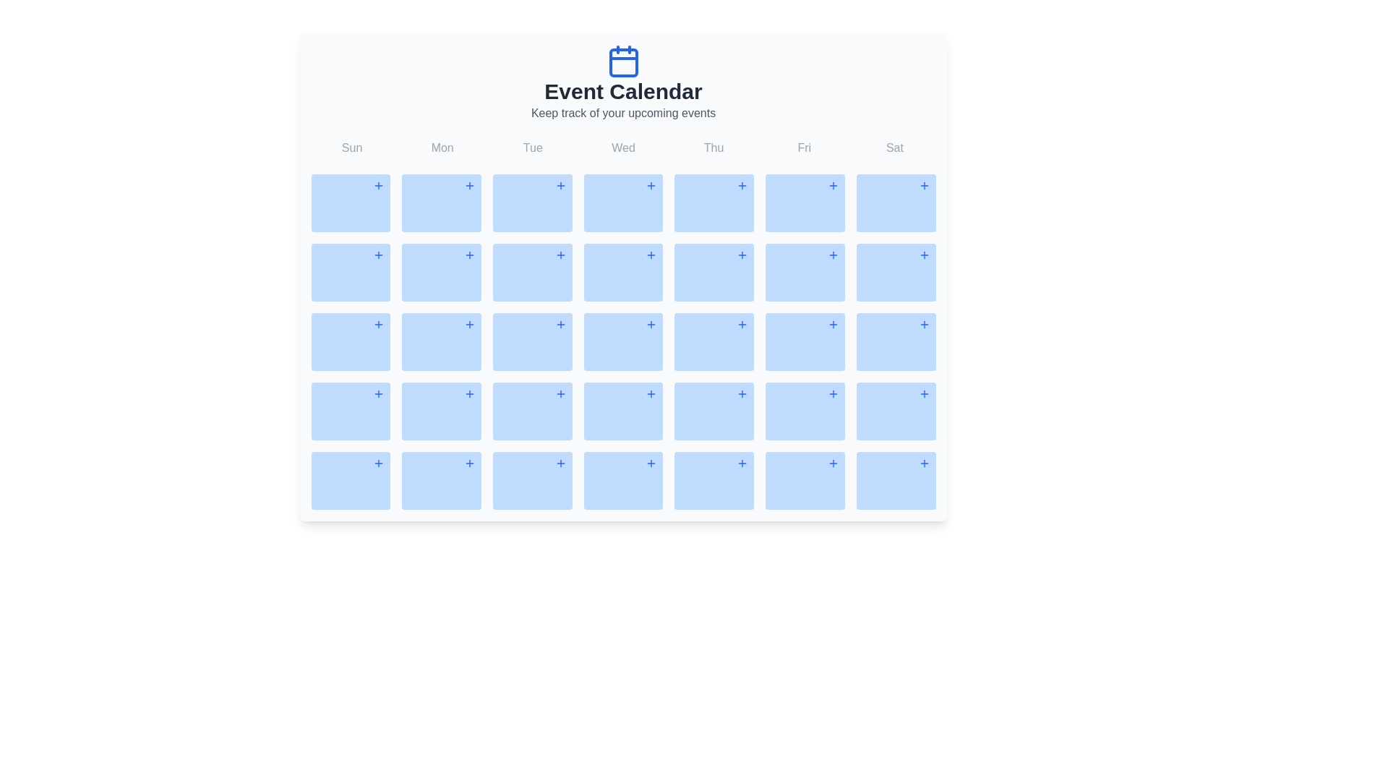  I want to click on the static label row element that serves as the calendar header, which denotes the days of the week, located below the 'Event Calendar' header, so click(623, 148).